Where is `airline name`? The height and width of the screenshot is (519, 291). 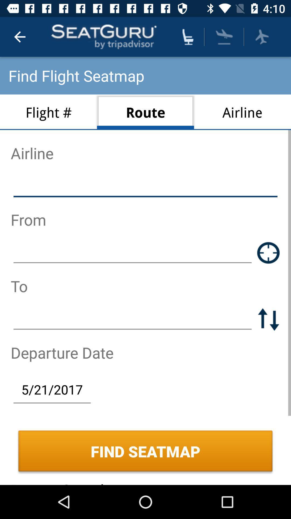
airline name is located at coordinates (145, 186).